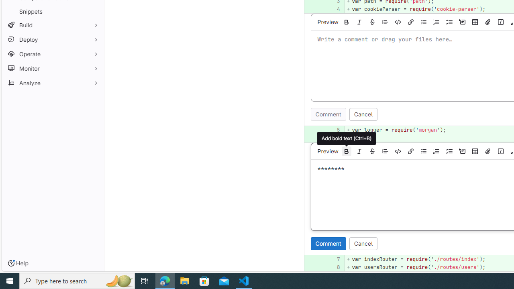 This screenshot has height=289, width=514. I want to click on 'Insert a quote', so click(385, 151).